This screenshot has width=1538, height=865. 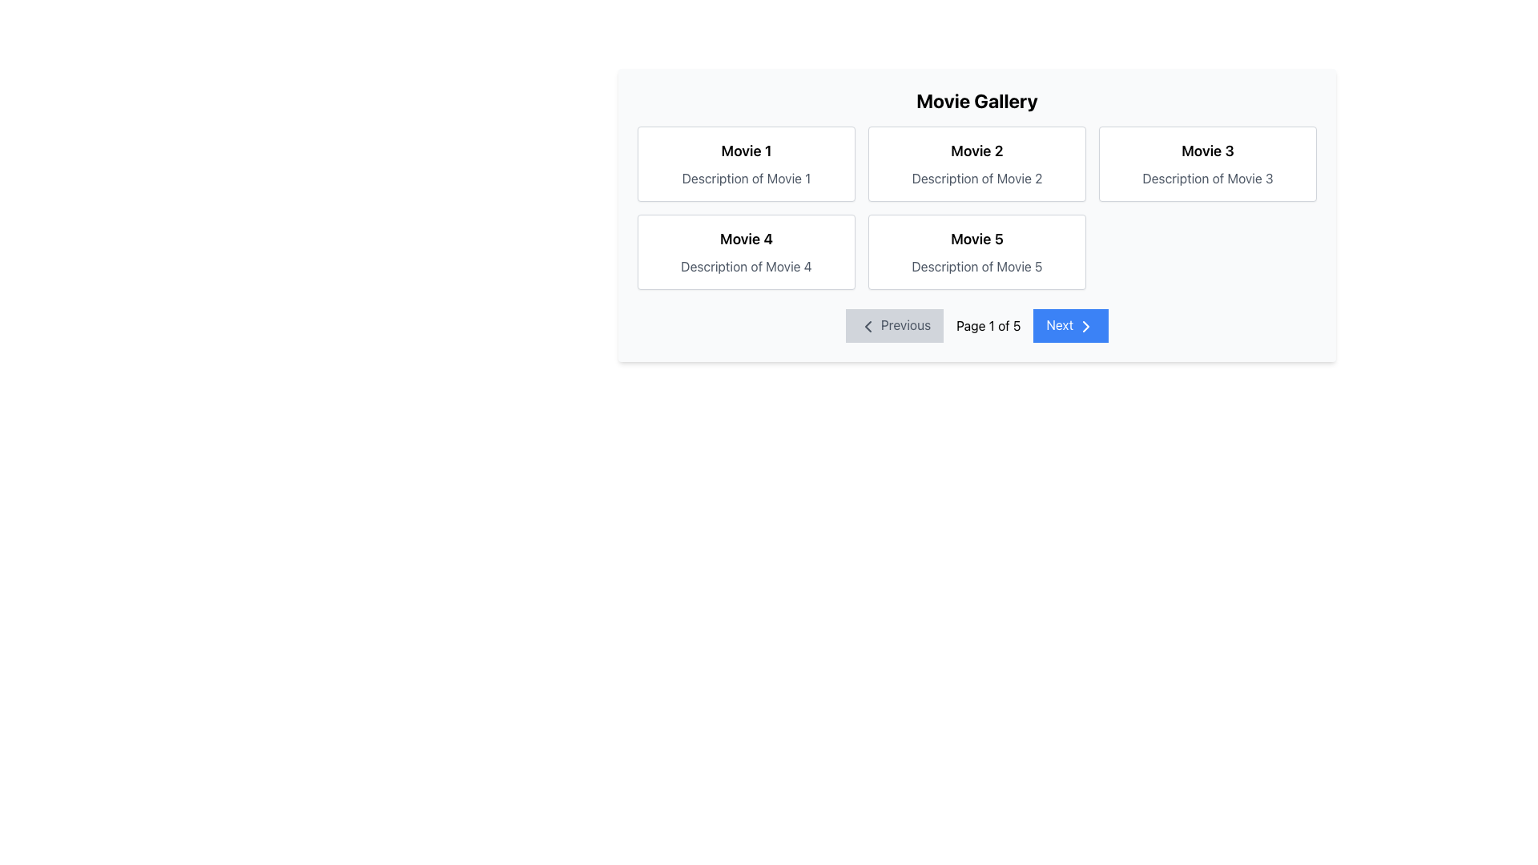 What do you see at coordinates (867, 325) in the screenshot?
I see `the chevron icon that indicates navigation to the previous page, located within the 'Previous' button at the bottom-left of the interface` at bounding box center [867, 325].